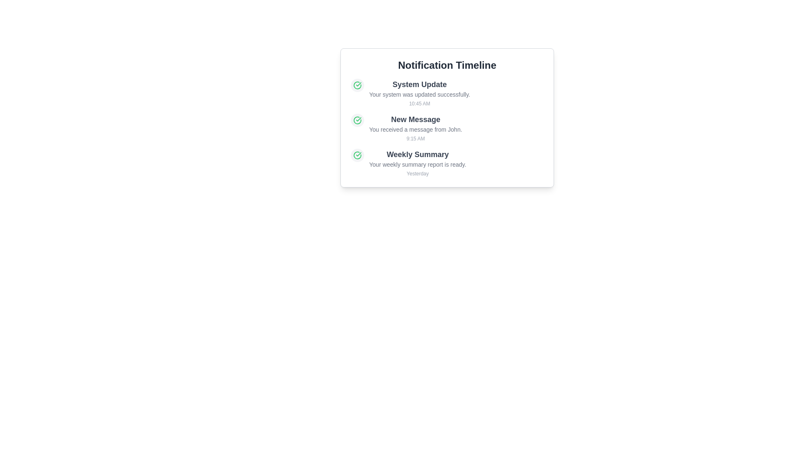 The image size is (801, 450). What do you see at coordinates (446, 128) in the screenshot?
I see `the notification entry displaying 'New Message' with the description 'You received a message from John.'` at bounding box center [446, 128].